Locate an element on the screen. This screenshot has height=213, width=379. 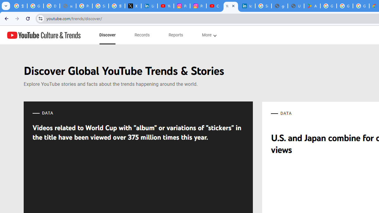
'User Details' is located at coordinates (296, 6).